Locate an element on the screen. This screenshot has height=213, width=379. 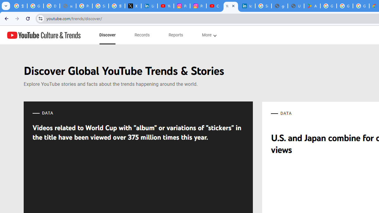
'User Details' is located at coordinates (296, 6).